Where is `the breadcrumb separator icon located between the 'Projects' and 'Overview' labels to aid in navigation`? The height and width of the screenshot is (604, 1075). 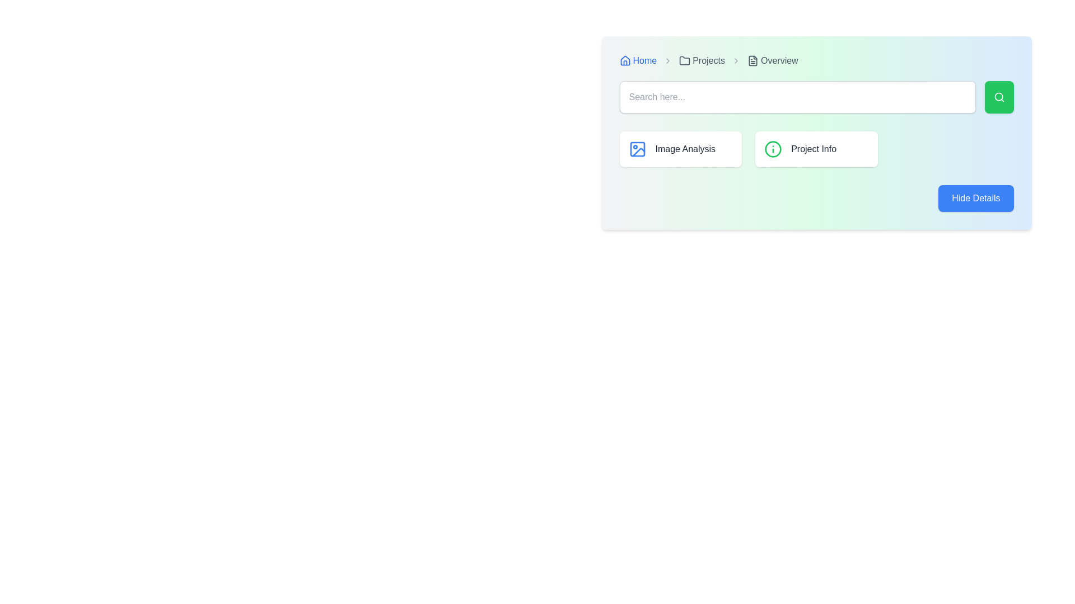
the breadcrumb separator icon located between the 'Projects' and 'Overview' labels to aid in navigation is located at coordinates (736, 60).